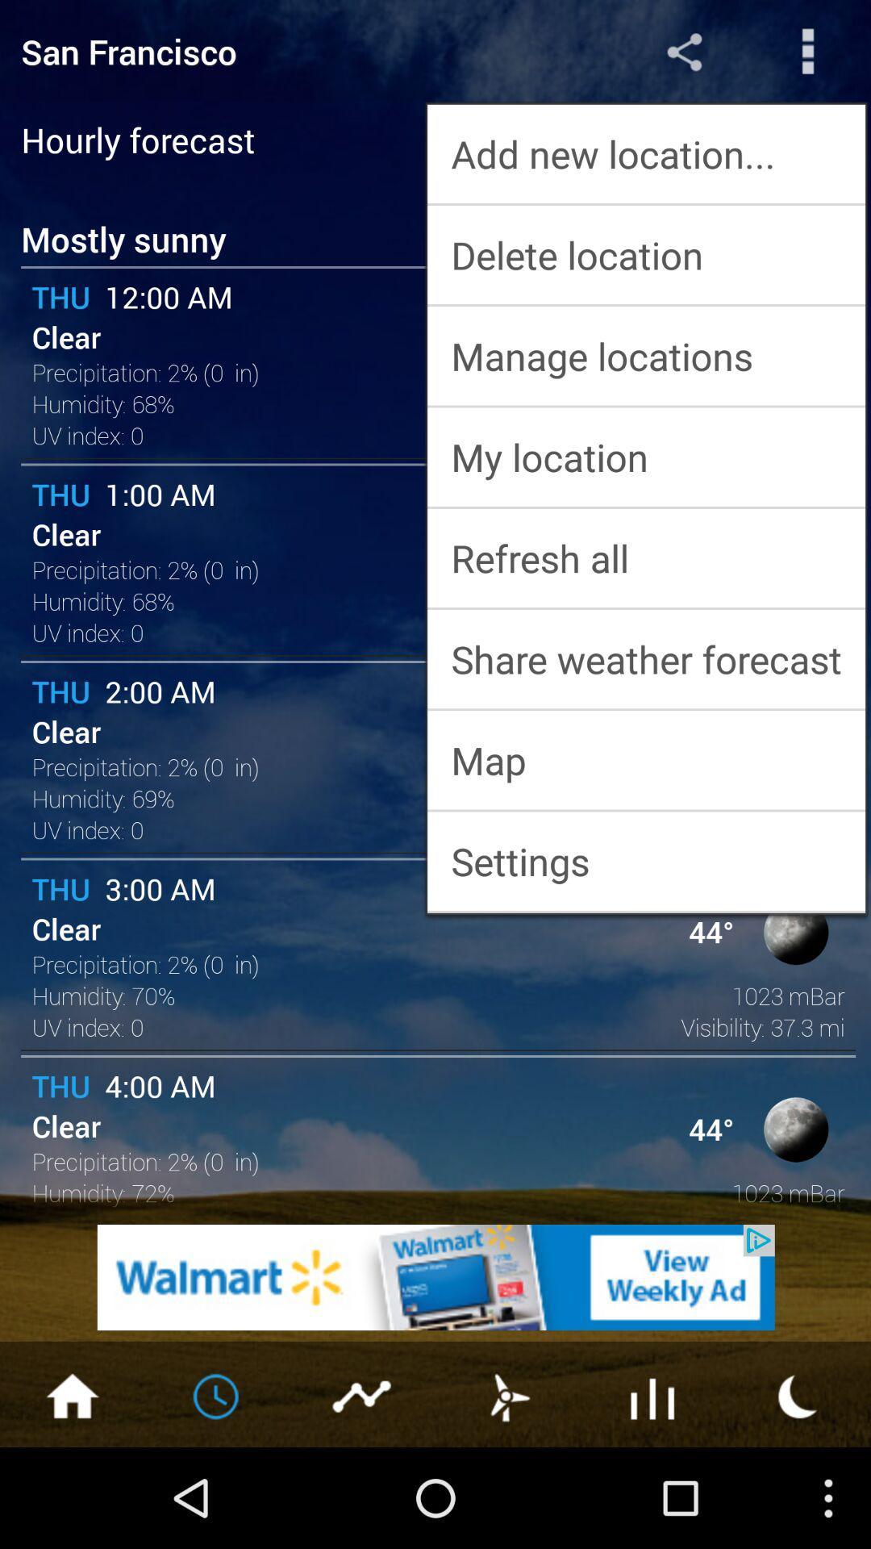 The width and height of the screenshot is (871, 1549). I want to click on refresh all icon, so click(645, 557).